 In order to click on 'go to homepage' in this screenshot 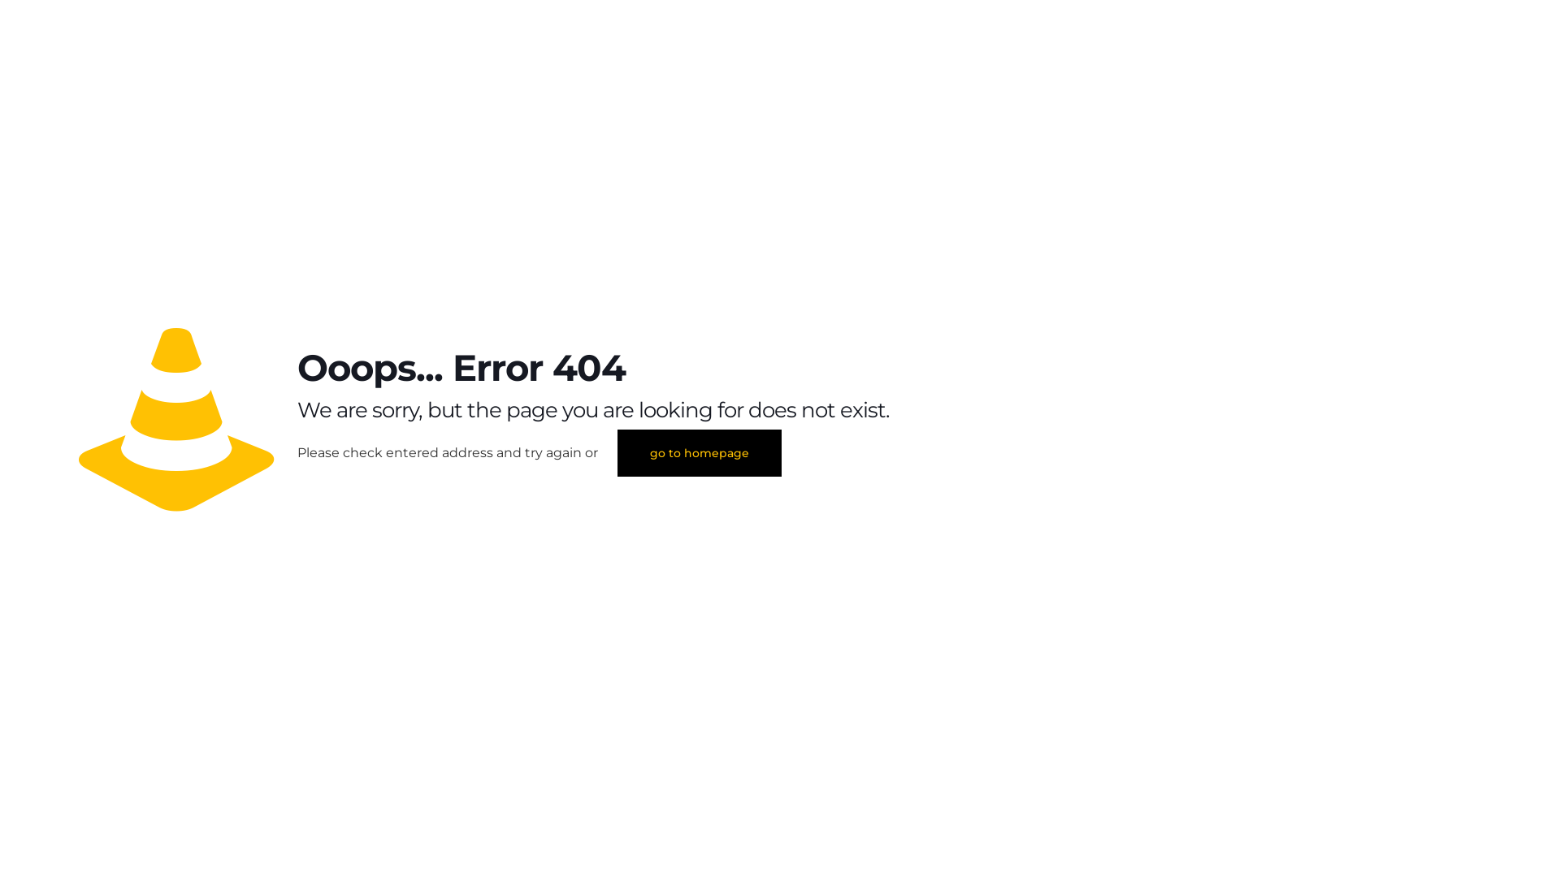, I will do `click(699, 453)`.